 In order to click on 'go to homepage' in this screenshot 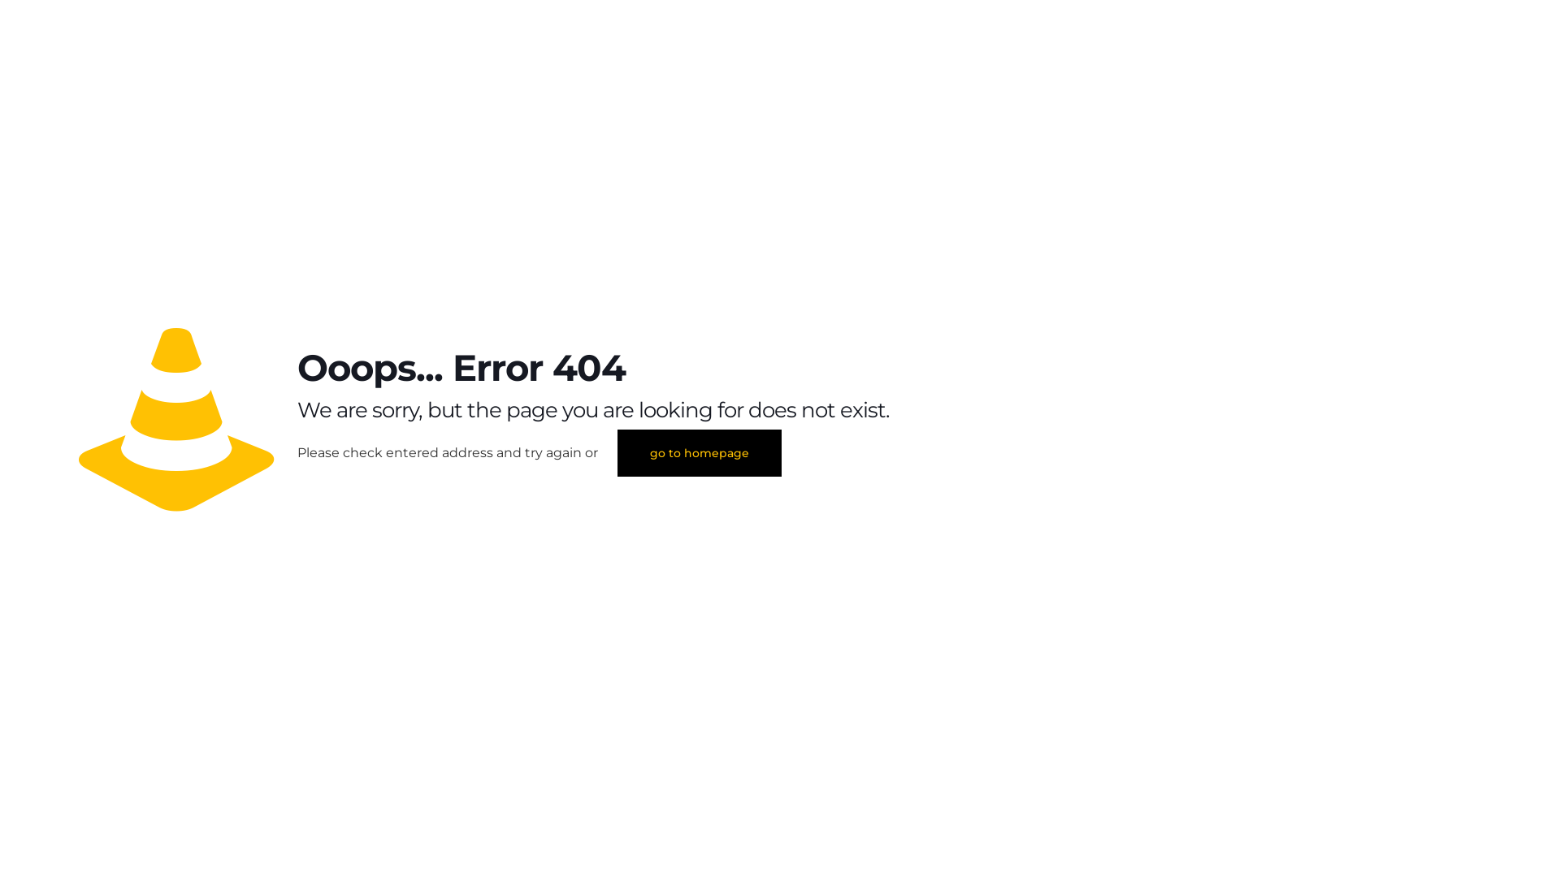, I will do `click(699, 453)`.